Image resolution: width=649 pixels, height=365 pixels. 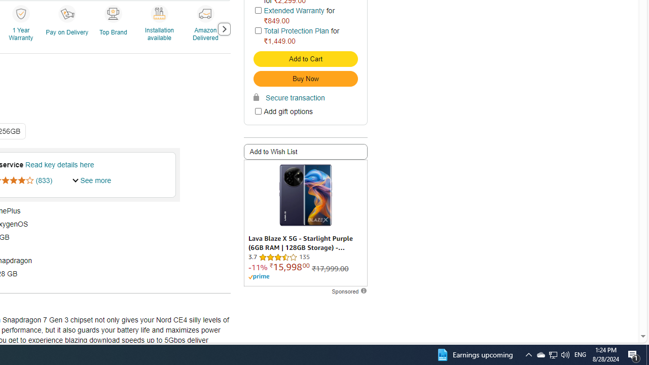 What do you see at coordinates (58, 164) in the screenshot?
I see `' Read key details here'` at bounding box center [58, 164].